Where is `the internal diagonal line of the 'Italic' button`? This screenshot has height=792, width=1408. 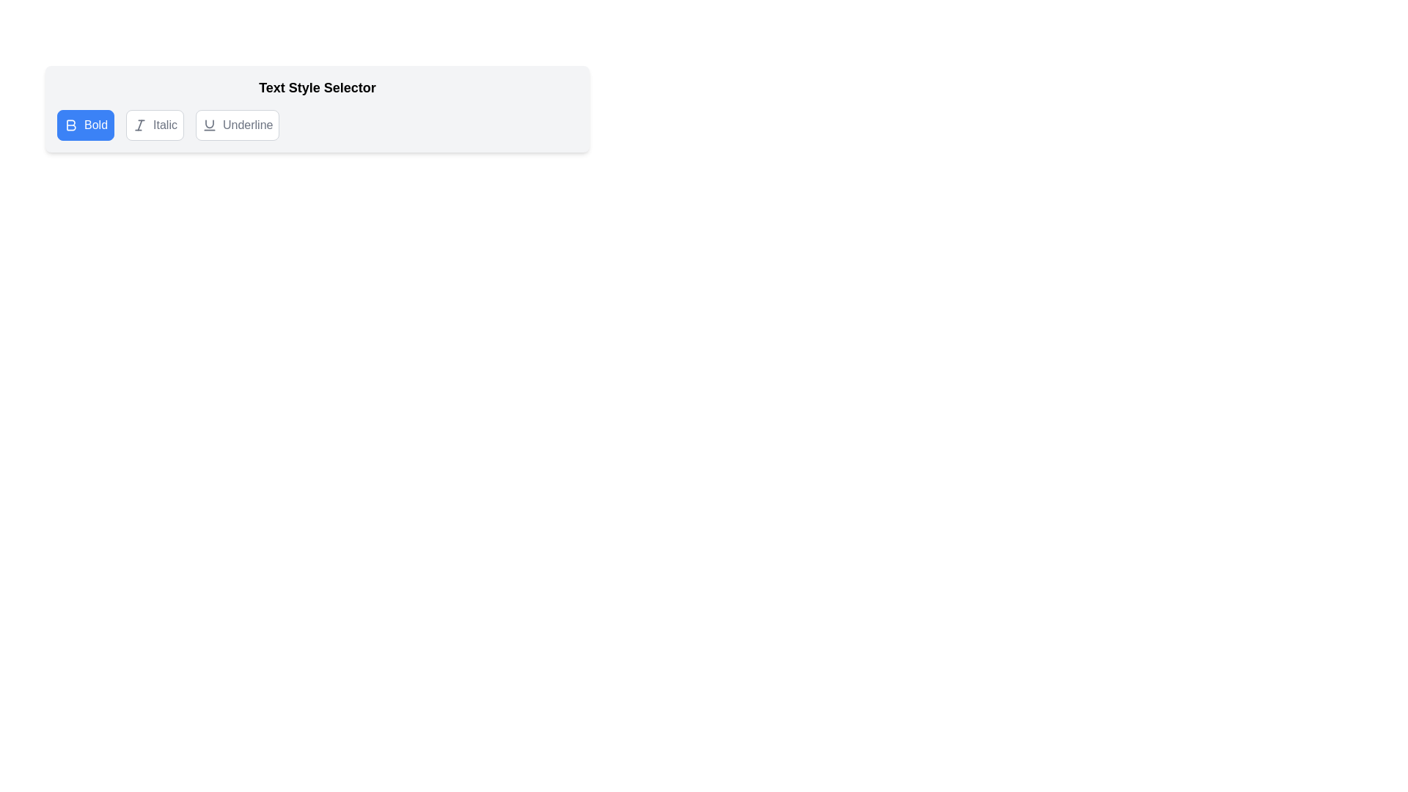
the internal diagonal line of the 'Italic' button is located at coordinates (140, 124).